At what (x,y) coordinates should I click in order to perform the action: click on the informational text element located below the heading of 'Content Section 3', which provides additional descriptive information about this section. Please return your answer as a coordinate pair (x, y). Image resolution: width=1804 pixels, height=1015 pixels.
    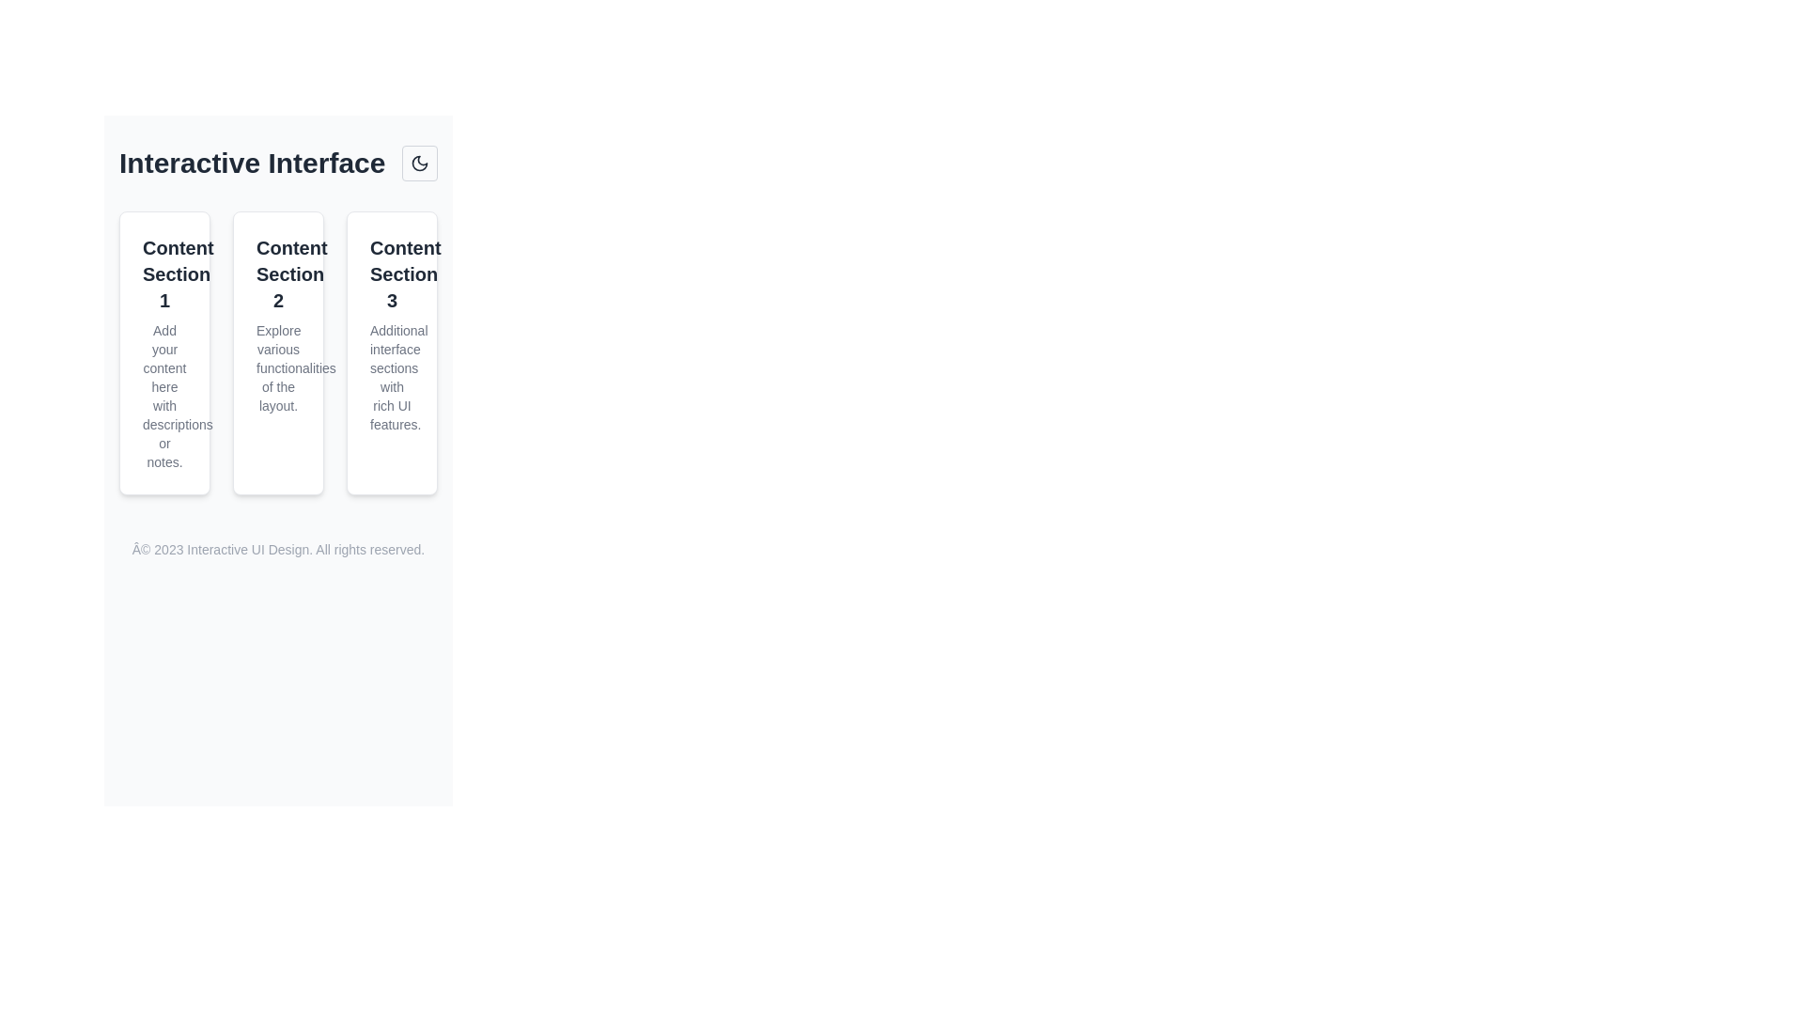
    Looking at the image, I should click on (391, 377).